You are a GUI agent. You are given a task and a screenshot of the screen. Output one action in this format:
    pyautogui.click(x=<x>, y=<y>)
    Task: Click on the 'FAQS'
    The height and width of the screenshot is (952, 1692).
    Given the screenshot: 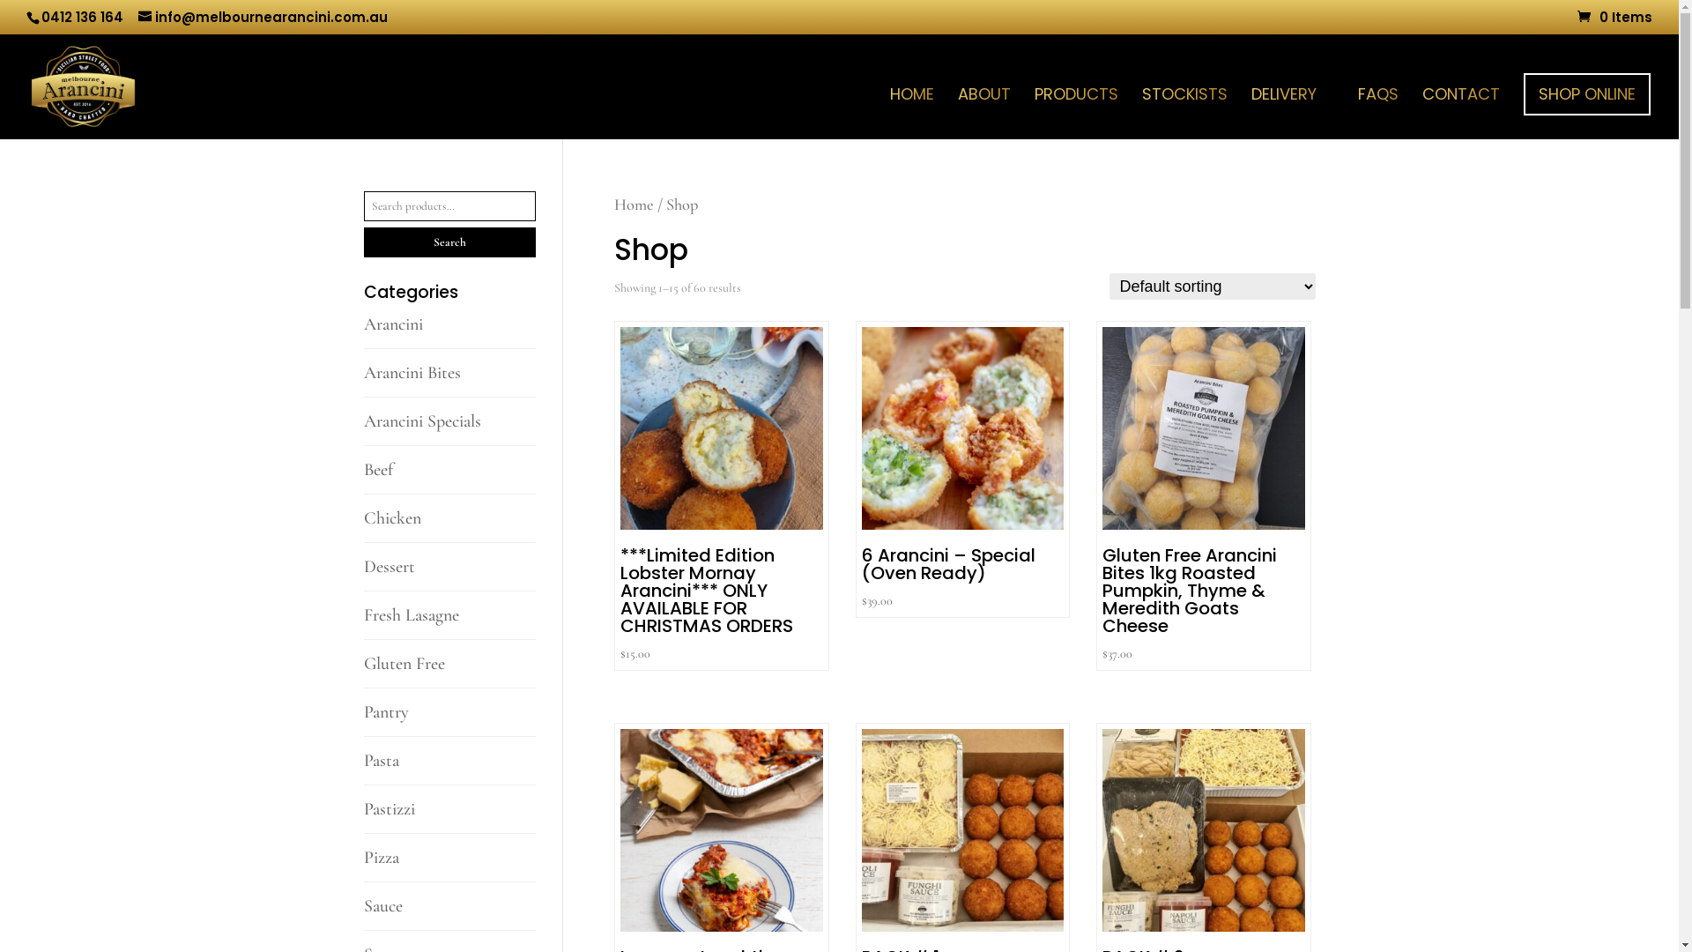 What is the action you would take?
    pyautogui.click(x=1377, y=113)
    